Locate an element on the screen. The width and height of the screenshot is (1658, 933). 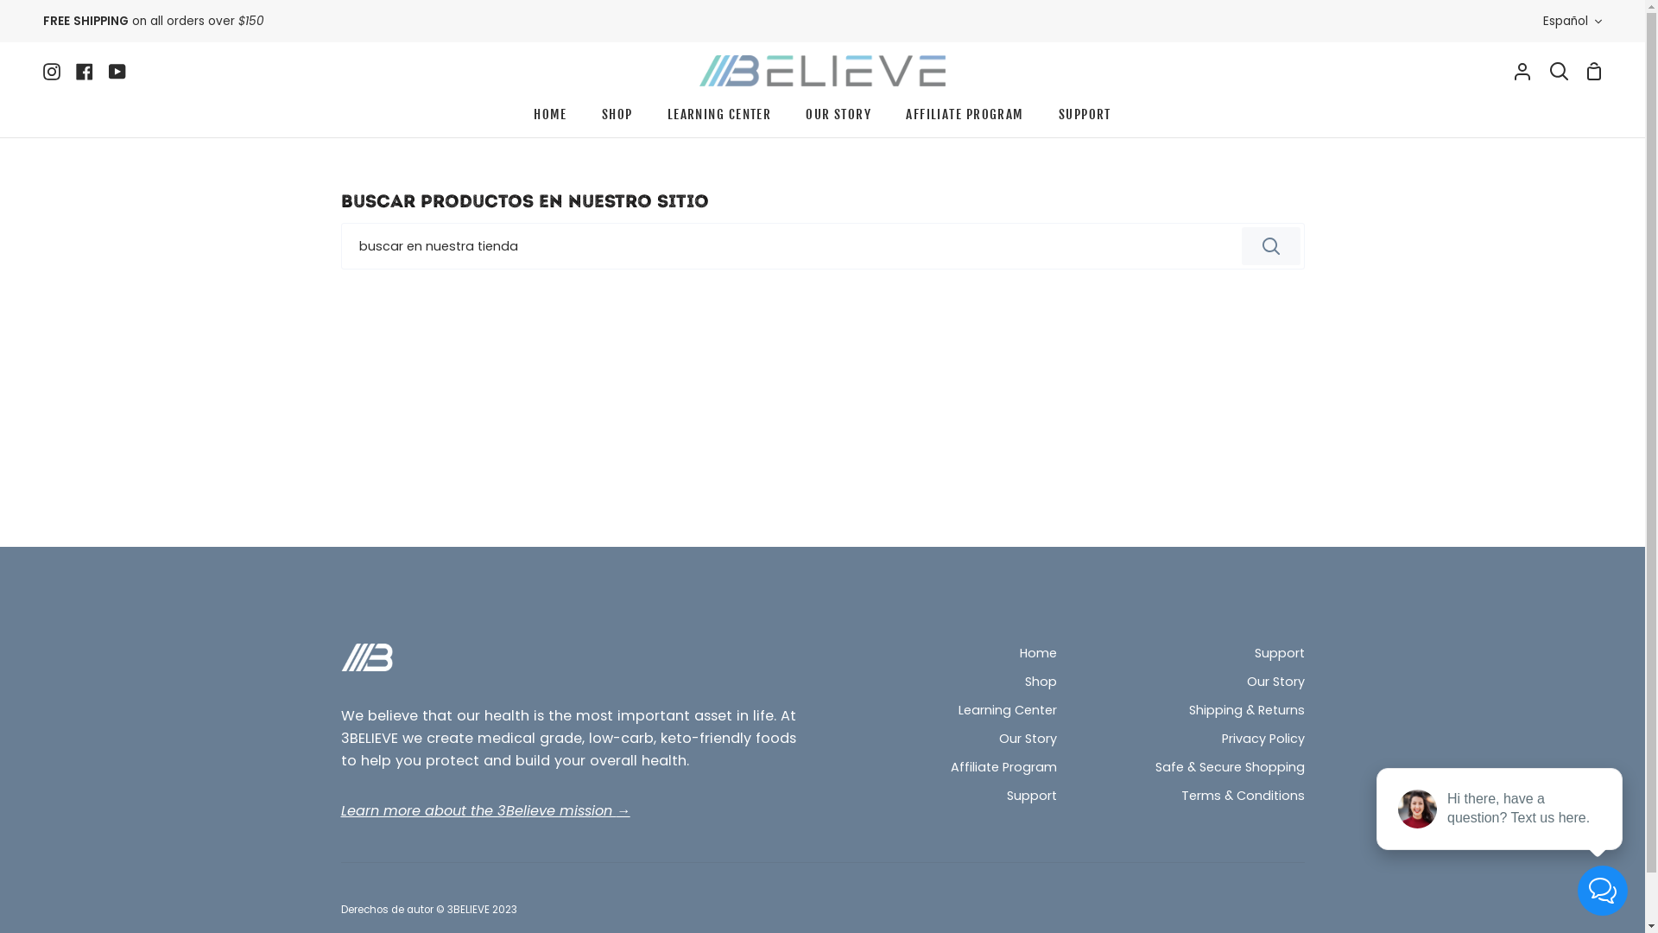
'SHOP' is located at coordinates (617, 117).